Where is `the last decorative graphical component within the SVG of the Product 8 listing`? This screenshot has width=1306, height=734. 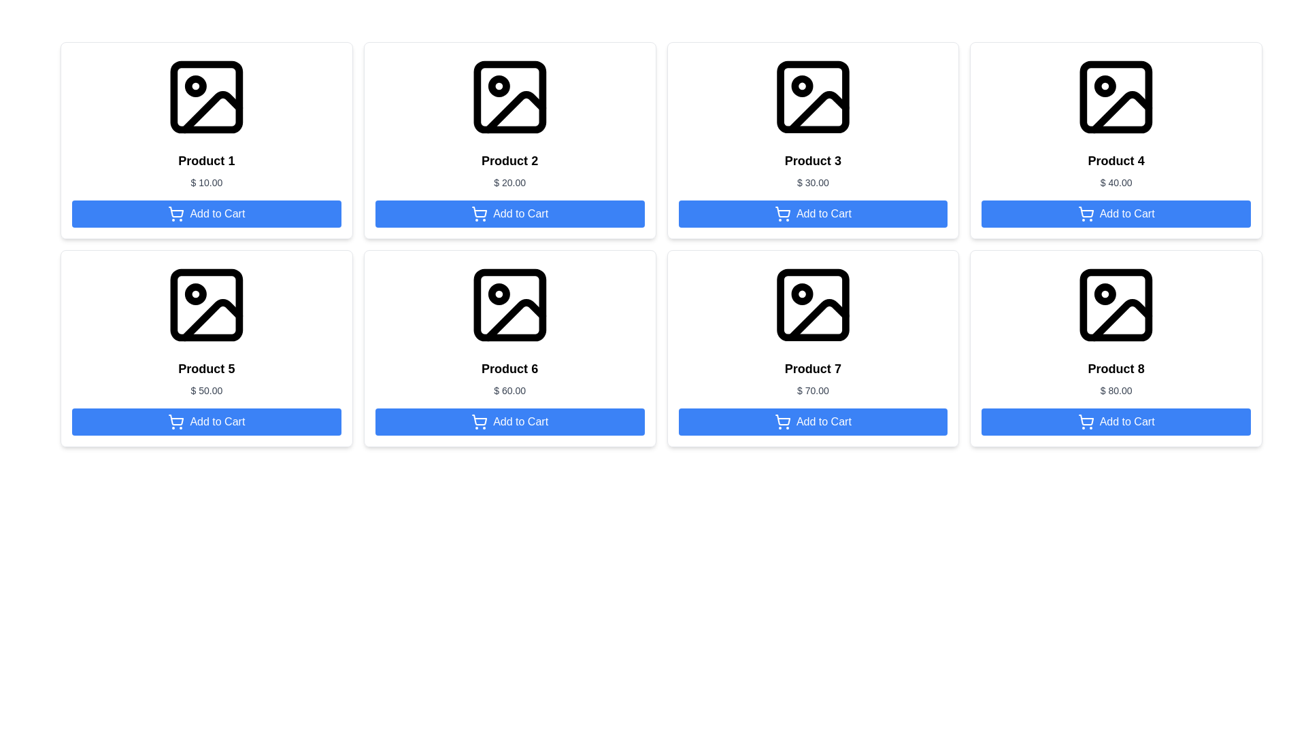
the last decorative graphical component within the SVG of the Product 8 listing is located at coordinates (1122, 320).